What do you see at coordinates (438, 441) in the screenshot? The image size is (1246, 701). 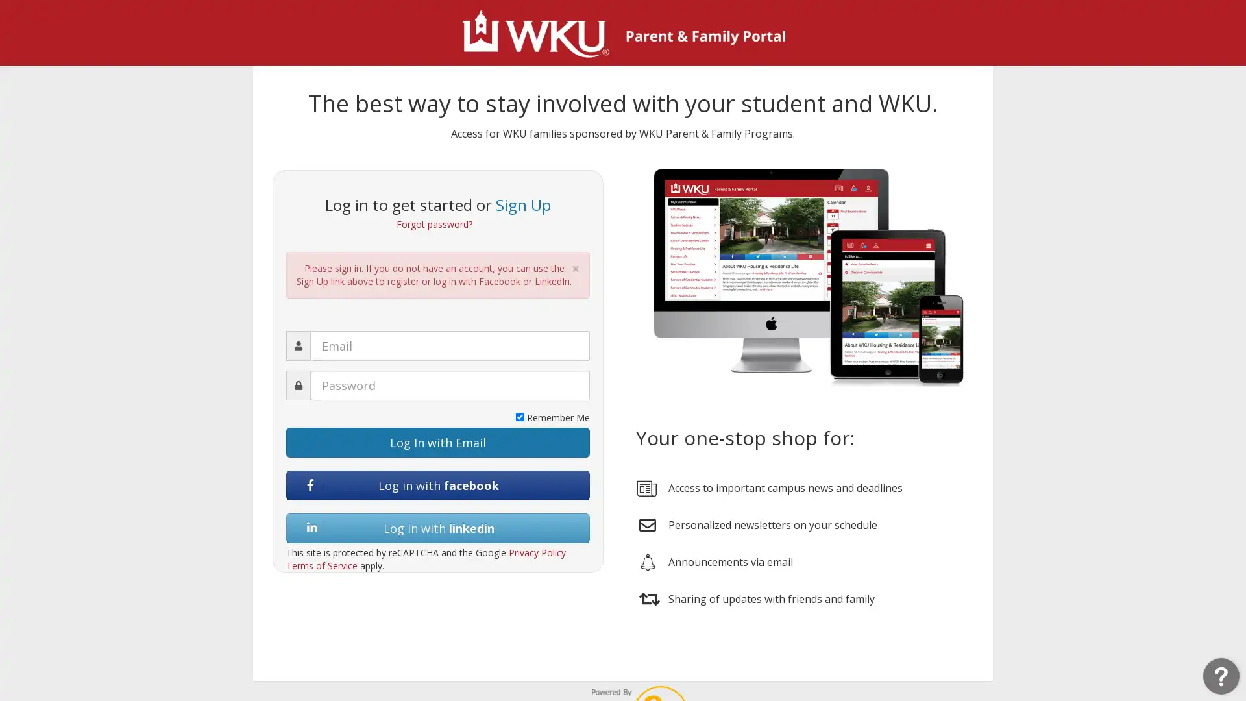 I see `Log In with Email` at bounding box center [438, 441].